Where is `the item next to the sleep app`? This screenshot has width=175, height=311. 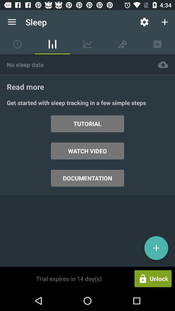
the item next to the sleep app is located at coordinates (144, 22).